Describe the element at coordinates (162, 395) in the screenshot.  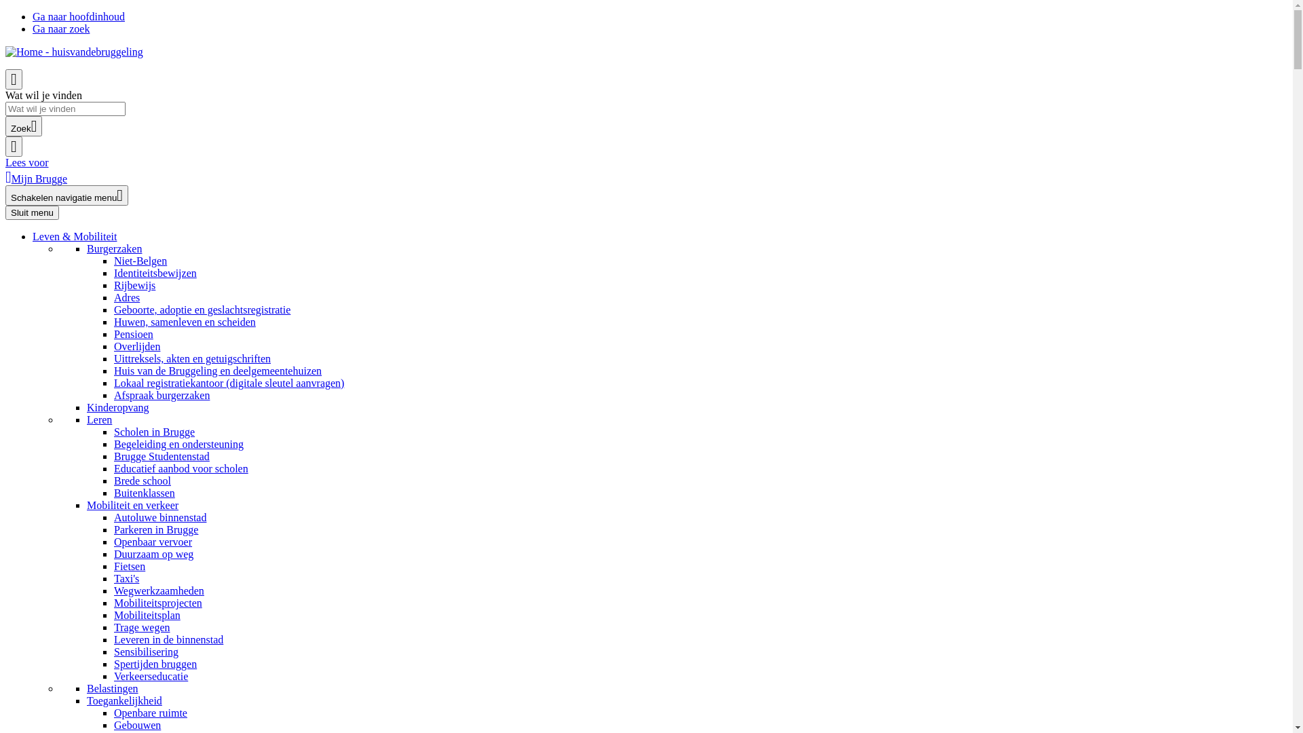
I see `'Afspraak burgerzaken'` at that location.